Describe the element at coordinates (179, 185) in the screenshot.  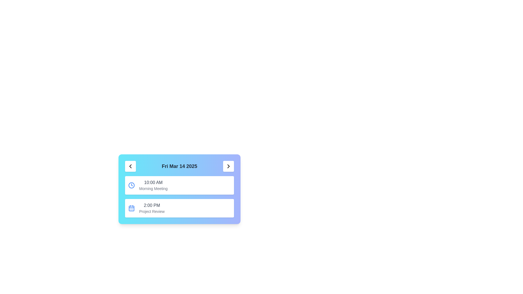
I see `meeting time and title from the first meeting schedule item located in the visual block listing meetings, which is positioned above the '2:00 PM Project Review' entry` at that location.